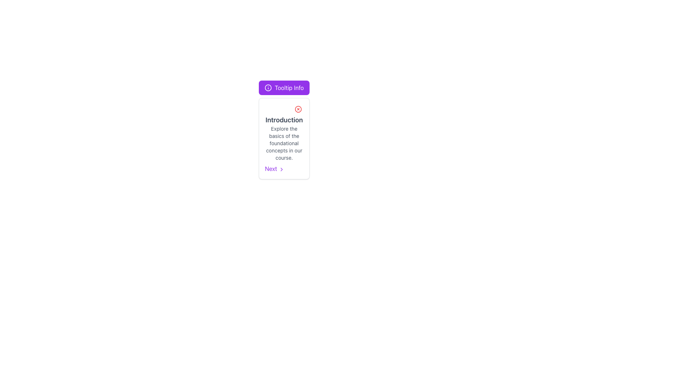 This screenshot has height=392, width=696. Describe the element at coordinates (298, 109) in the screenshot. I see `the dismiss or close button located at the top-right area of the card component` at that location.